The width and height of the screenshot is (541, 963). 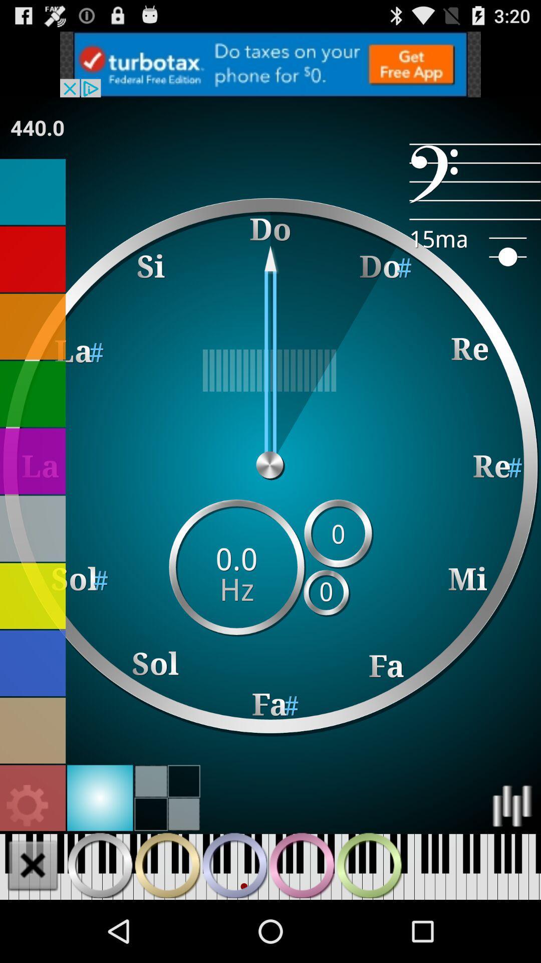 I want to click on change background to blue, so click(x=32, y=663).